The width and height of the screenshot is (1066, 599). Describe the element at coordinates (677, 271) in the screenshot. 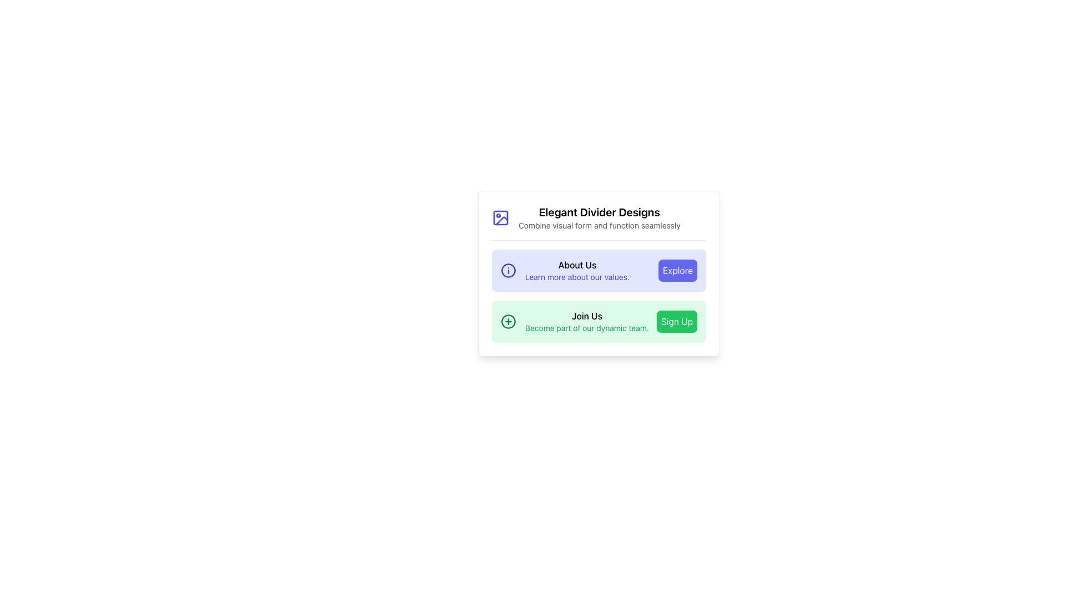

I see `the 'Explore' button located on the right side of the 'About Us' section` at that location.